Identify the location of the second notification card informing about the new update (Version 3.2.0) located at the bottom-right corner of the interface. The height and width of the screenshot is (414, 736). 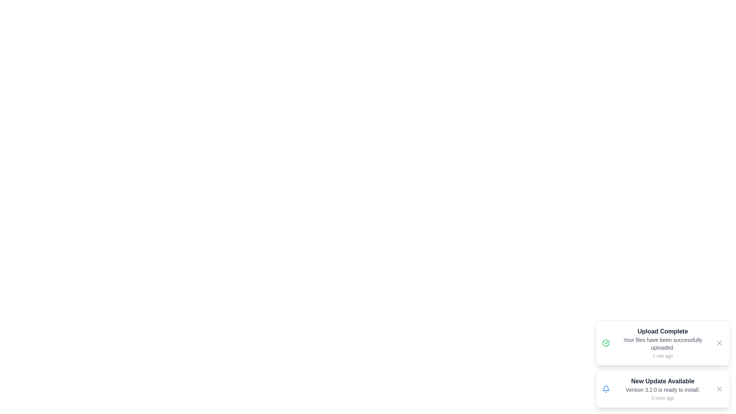
(662, 389).